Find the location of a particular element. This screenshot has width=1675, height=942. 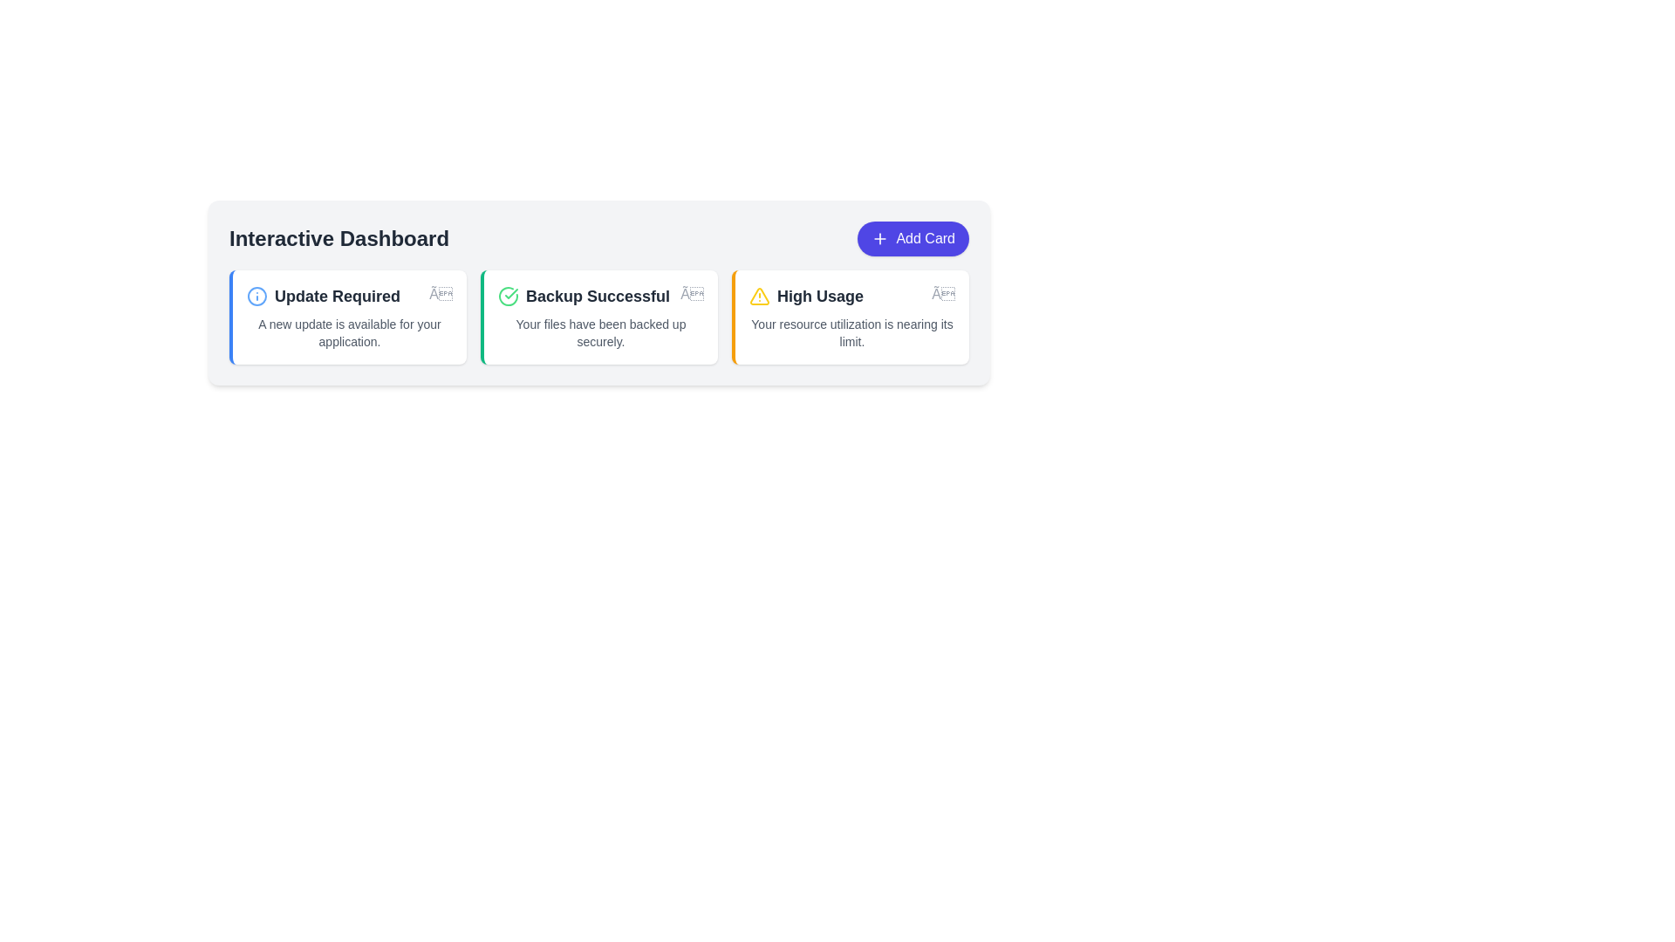

the Informational card that informs the user about the availability of a new update for their application, which is the first card from the left in a grid layout below the 'Interactive Dashboard' label is located at coordinates (347, 317).